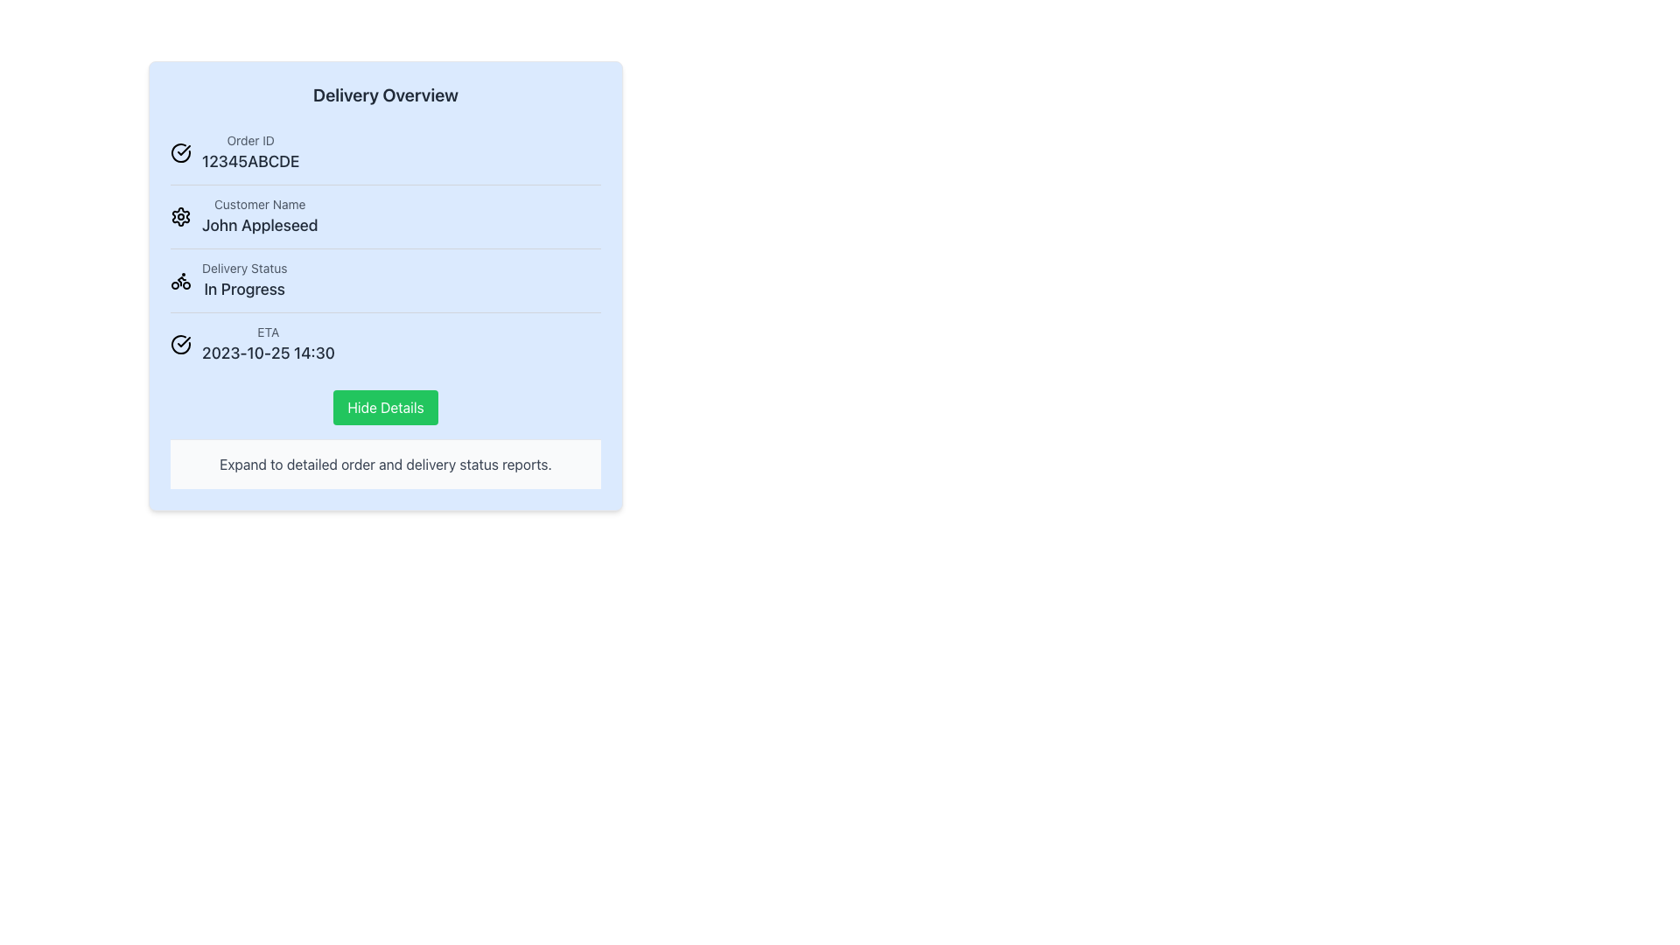  What do you see at coordinates (385, 463) in the screenshot?
I see `the light gray rectangular box containing the text 'Expand to detailed order and delivery status reports.' located below the 'Hide Details' button in the 'Delivery Overview' card` at bounding box center [385, 463].